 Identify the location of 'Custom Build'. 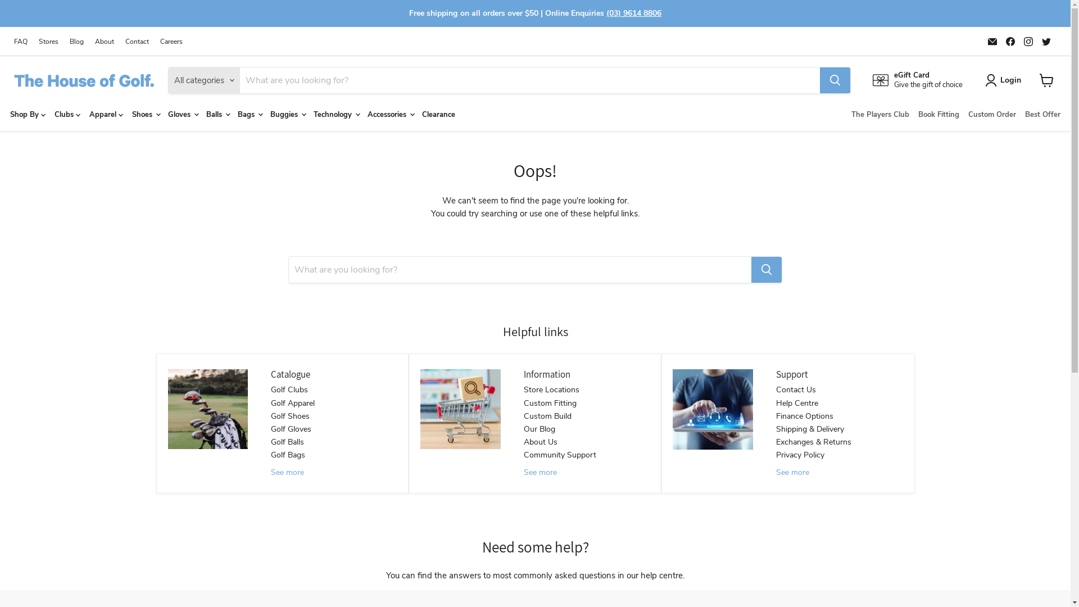
(523, 416).